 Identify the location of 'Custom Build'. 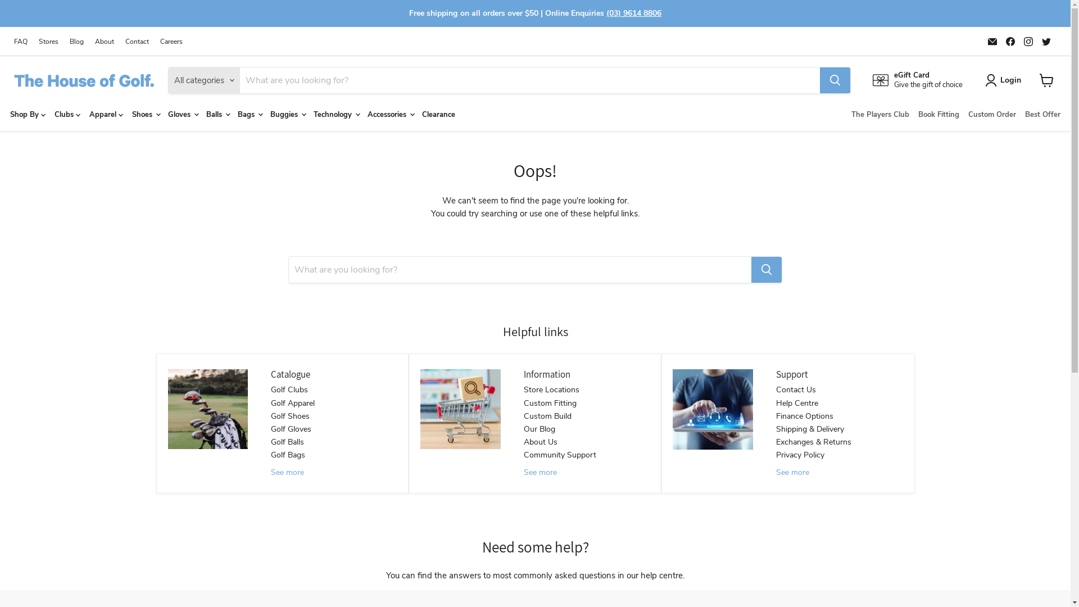
(523, 416).